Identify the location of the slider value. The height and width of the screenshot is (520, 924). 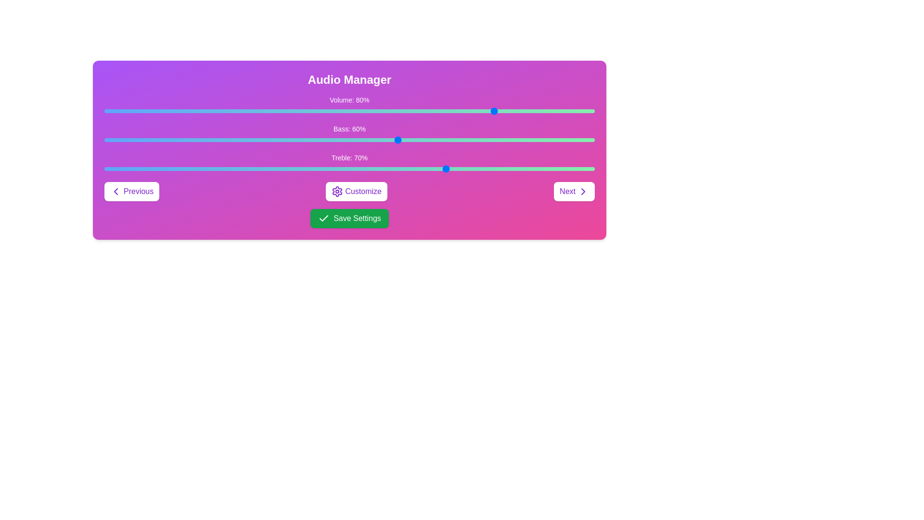
(388, 111).